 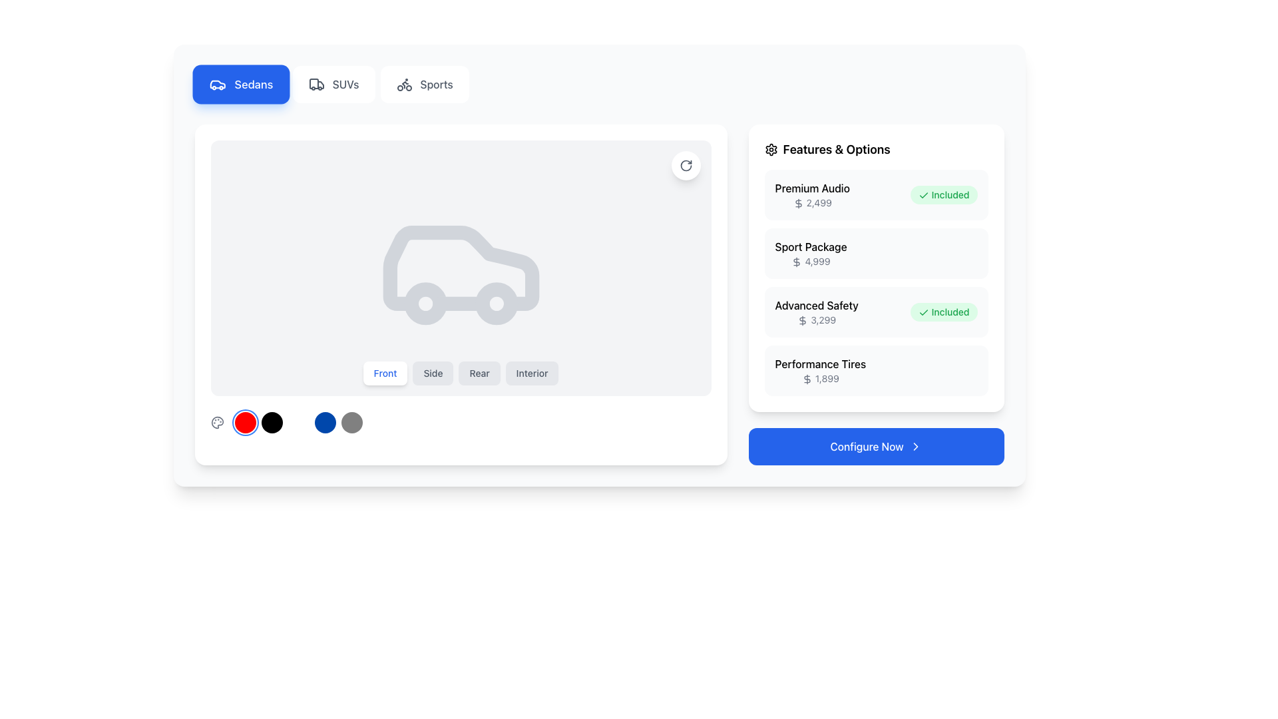 I want to click on the settings icon located in the top-right section of the interface within the 'Features & Options' column, so click(x=771, y=149).